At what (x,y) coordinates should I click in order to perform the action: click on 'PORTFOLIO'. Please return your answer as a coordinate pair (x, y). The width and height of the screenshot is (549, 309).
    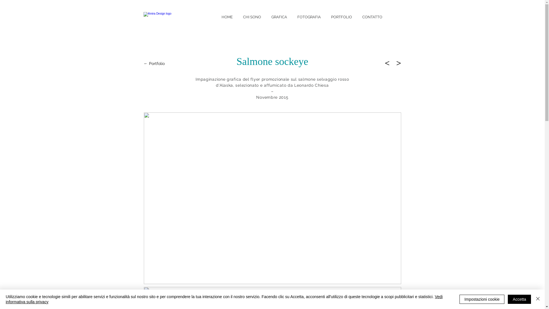
    Looking at the image, I should click on (326, 16).